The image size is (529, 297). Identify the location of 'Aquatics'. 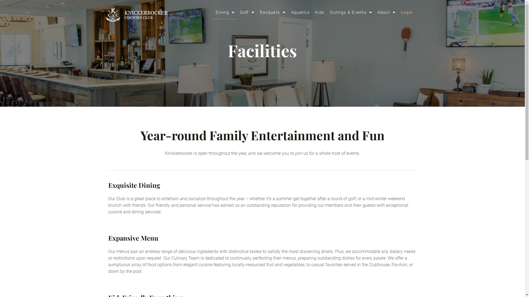
(288, 12).